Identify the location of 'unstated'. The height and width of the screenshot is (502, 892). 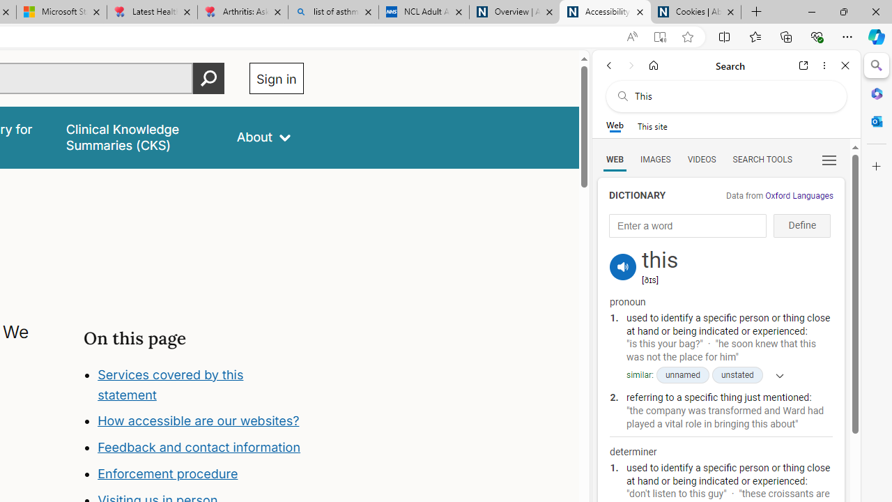
(736, 374).